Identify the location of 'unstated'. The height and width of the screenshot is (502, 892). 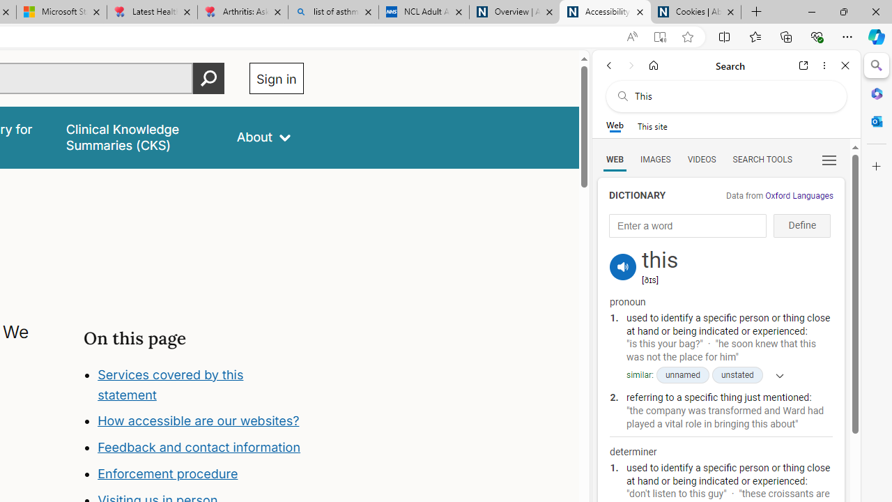
(736, 374).